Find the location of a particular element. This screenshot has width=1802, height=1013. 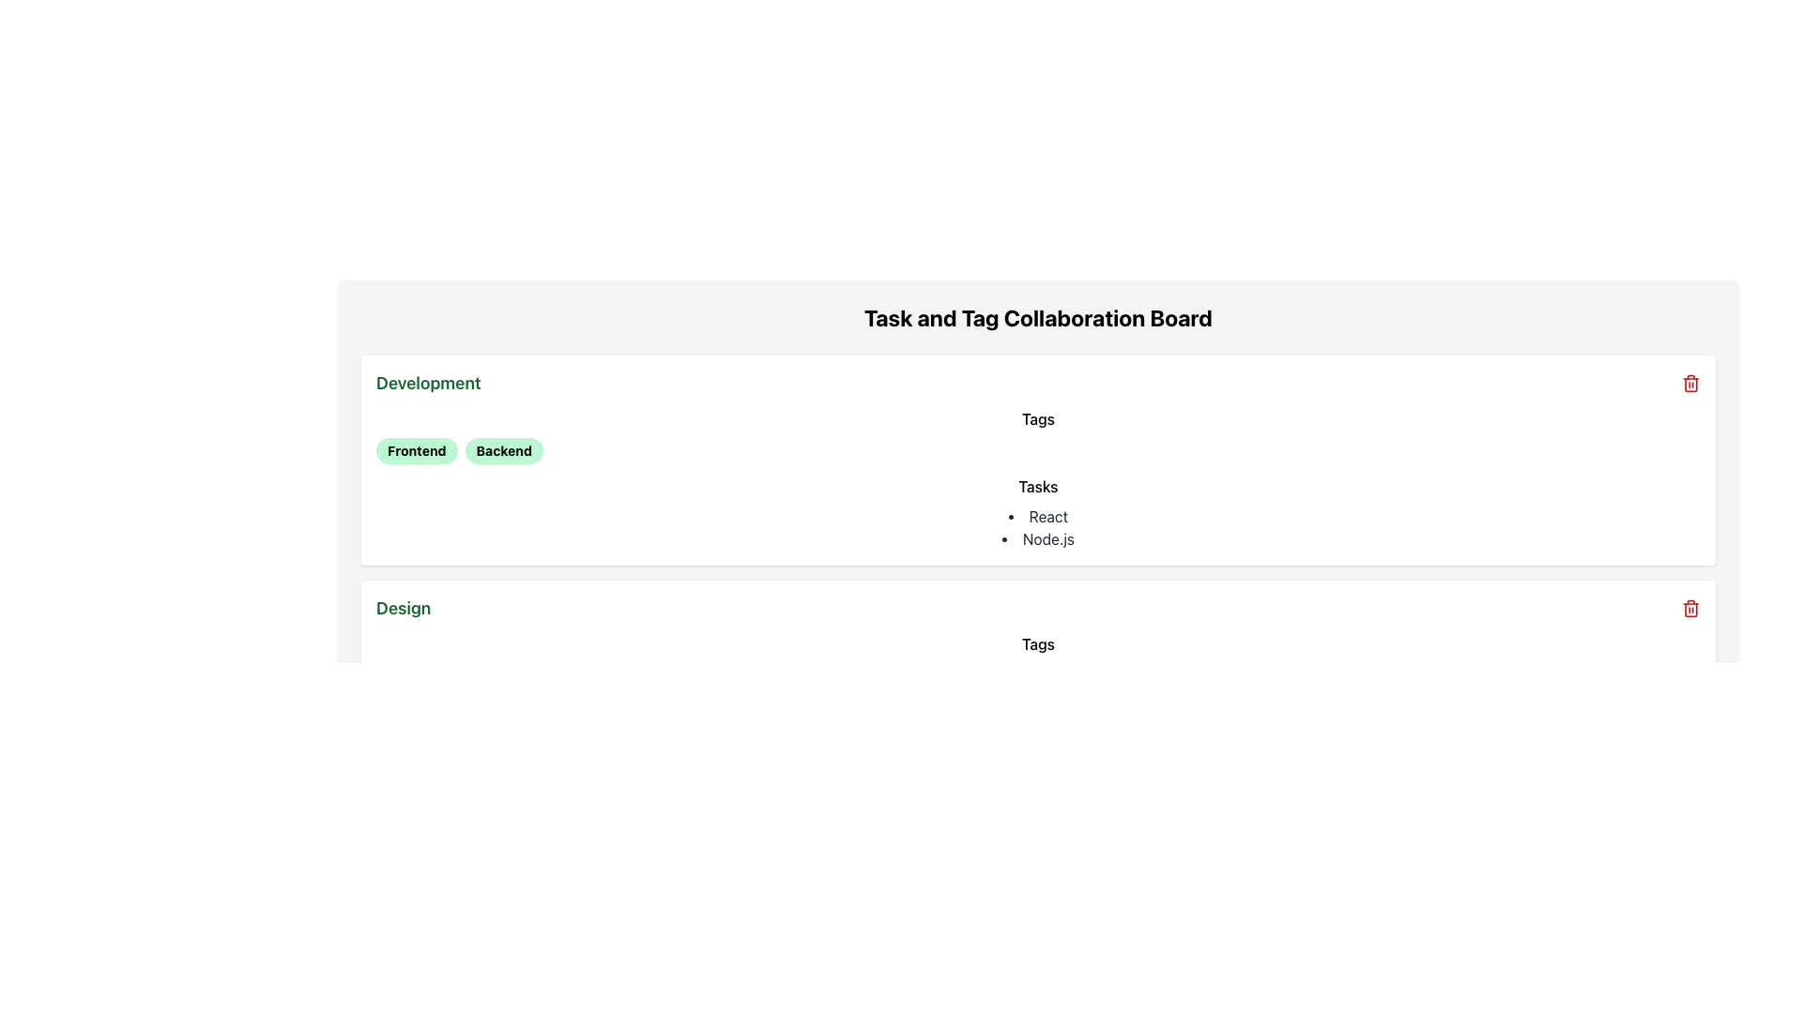

the red trash bin icon located on the far right of the 'Design' section is located at coordinates (1690, 608).